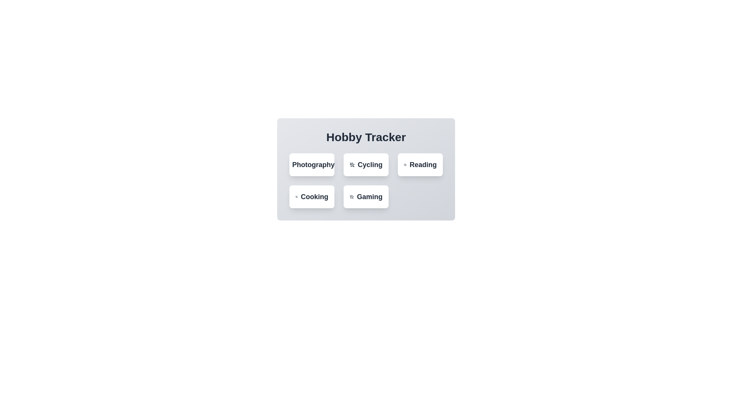 The image size is (733, 412). I want to click on the hobby Gaming by clicking its button, so click(366, 196).